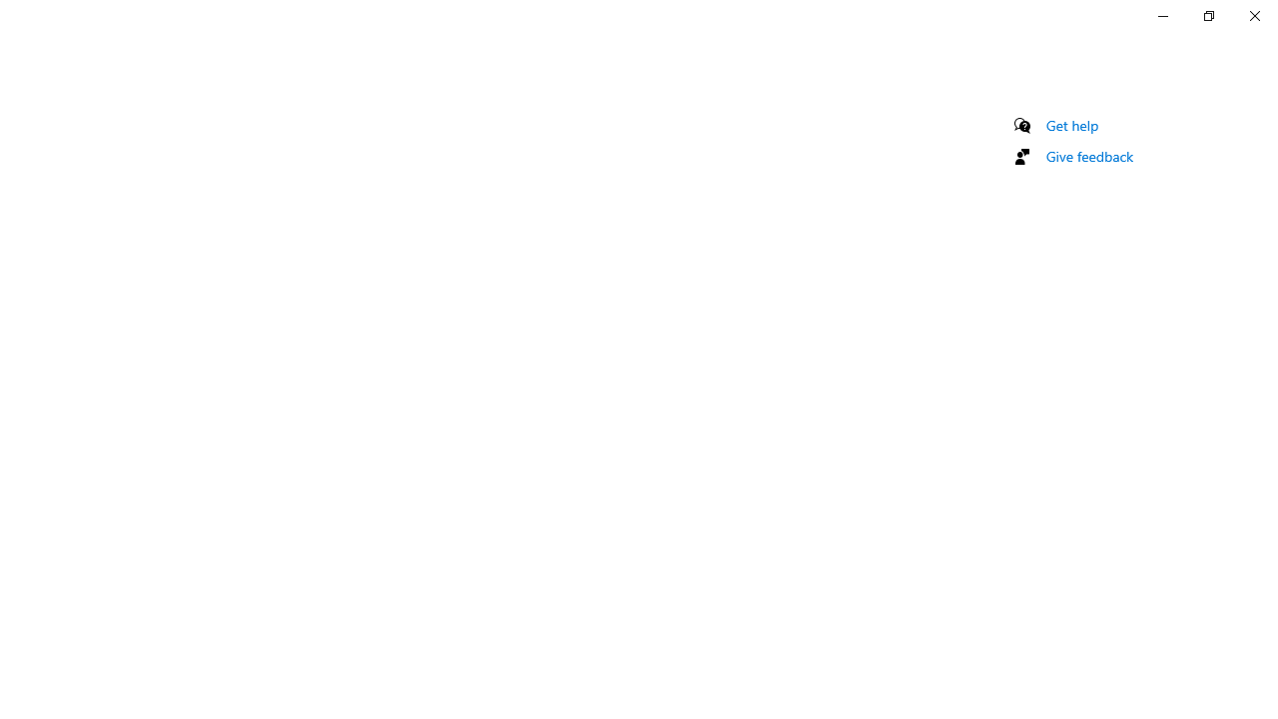 This screenshot has height=719, width=1278. I want to click on 'Restore Settings', so click(1207, 15).